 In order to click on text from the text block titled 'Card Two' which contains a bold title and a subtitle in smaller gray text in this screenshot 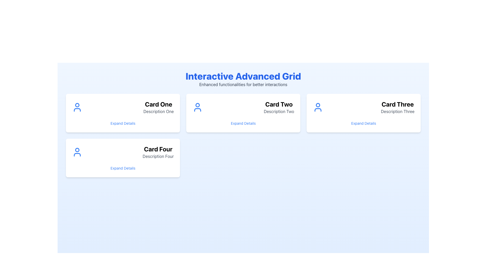, I will do `click(279, 107)`.